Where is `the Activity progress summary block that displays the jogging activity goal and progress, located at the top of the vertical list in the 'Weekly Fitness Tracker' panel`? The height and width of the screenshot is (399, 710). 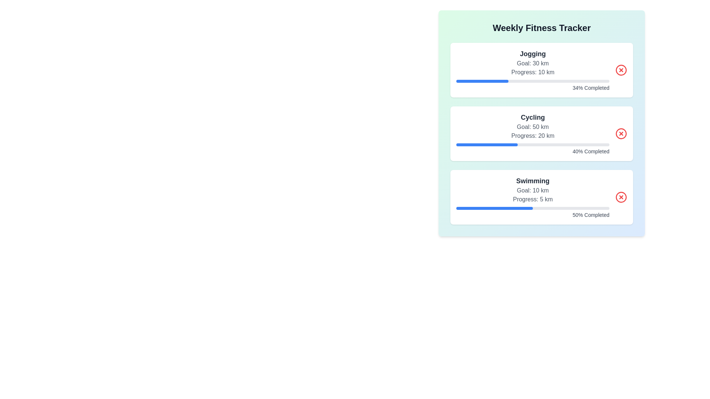 the Activity progress summary block that displays the jogging activity goal and progress, located at the top of the vertical list in the 'Weekly Fitness Tracker' panel is located at coordinates (532, 70).